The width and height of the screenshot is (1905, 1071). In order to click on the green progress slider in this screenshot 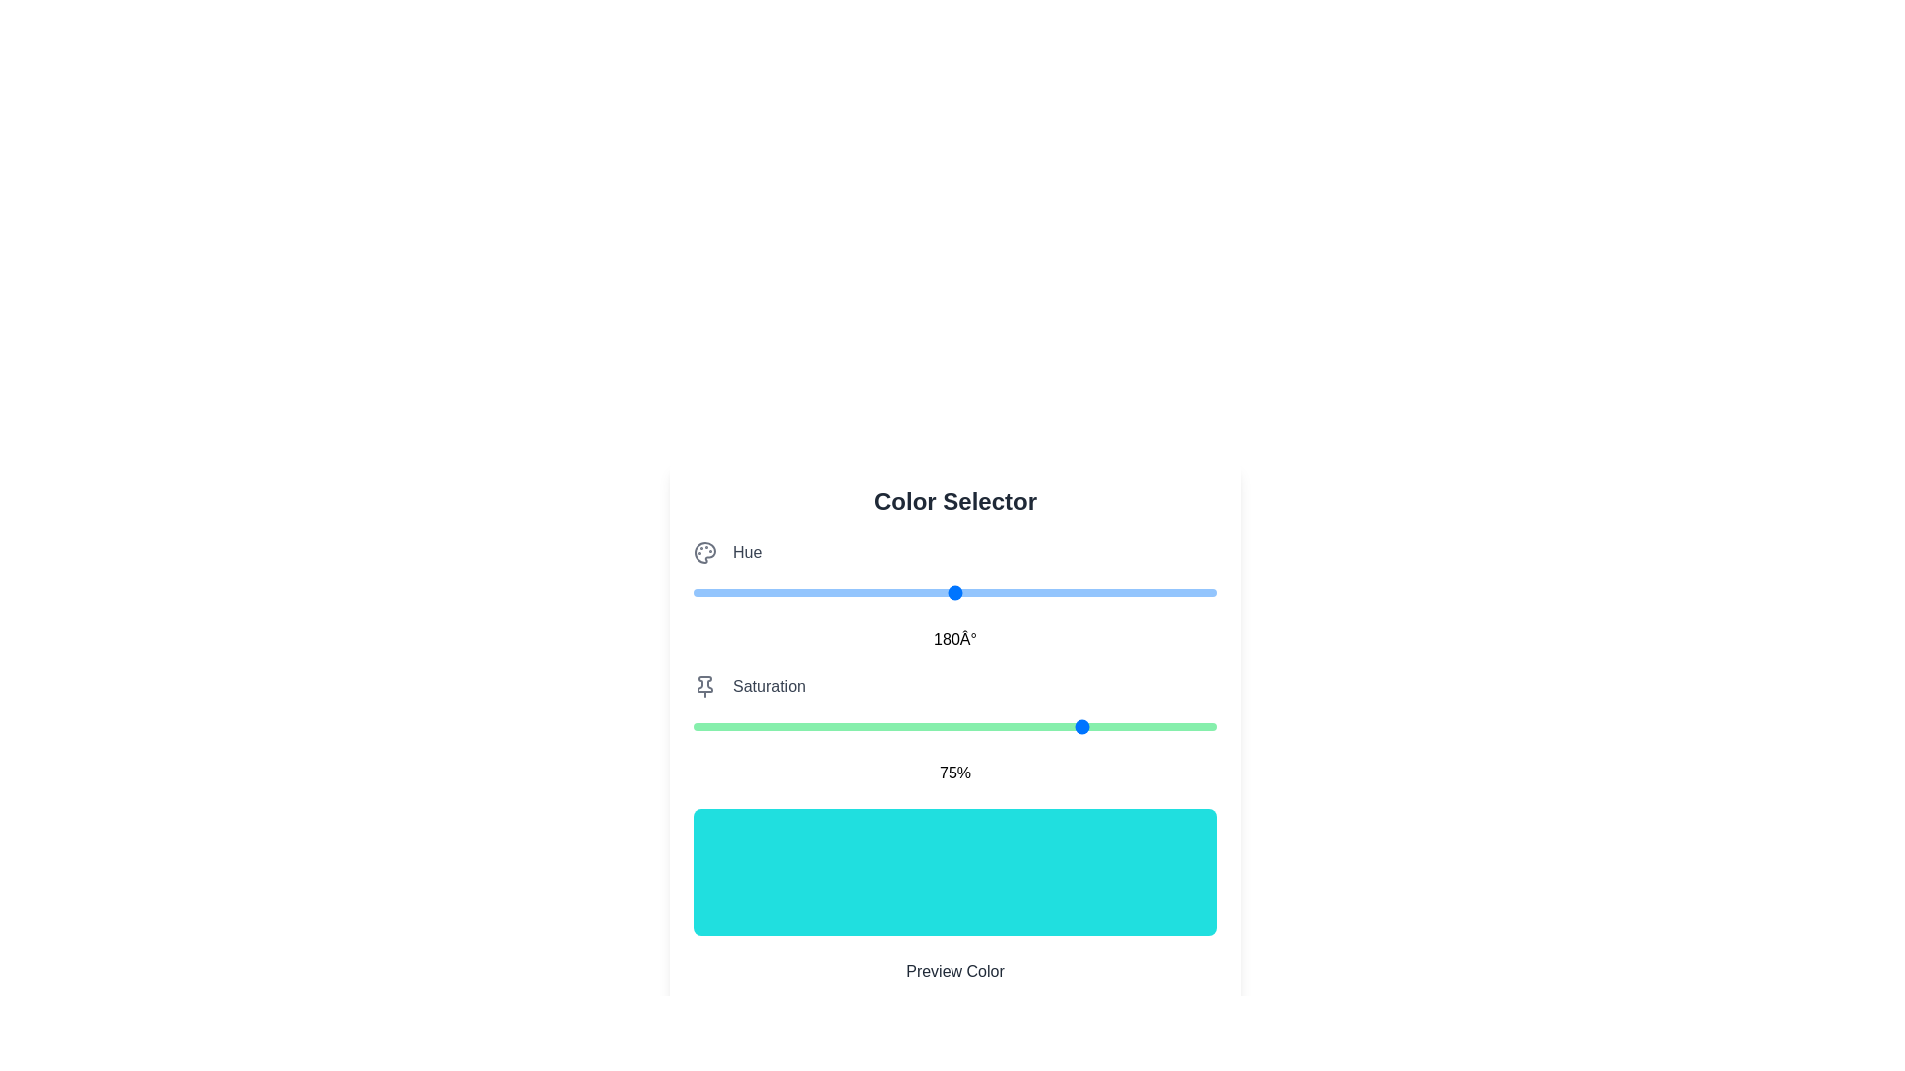, I will do `click(955, 726)`.